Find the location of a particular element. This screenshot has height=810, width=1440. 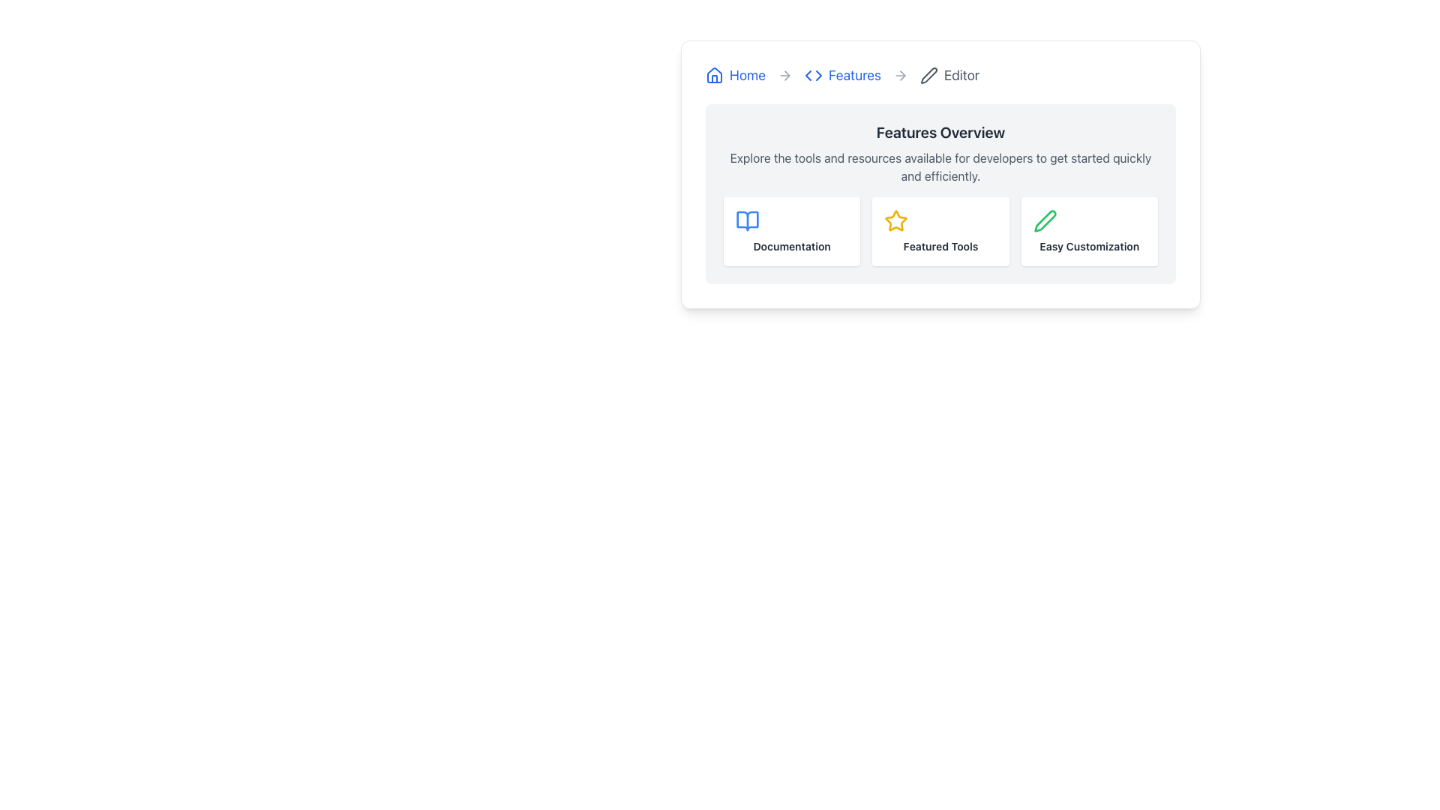

the rightmost segment of the breadcrumb navigation bar, which is highlighted and reads 'Editor' is located at coordinates (940, 75).